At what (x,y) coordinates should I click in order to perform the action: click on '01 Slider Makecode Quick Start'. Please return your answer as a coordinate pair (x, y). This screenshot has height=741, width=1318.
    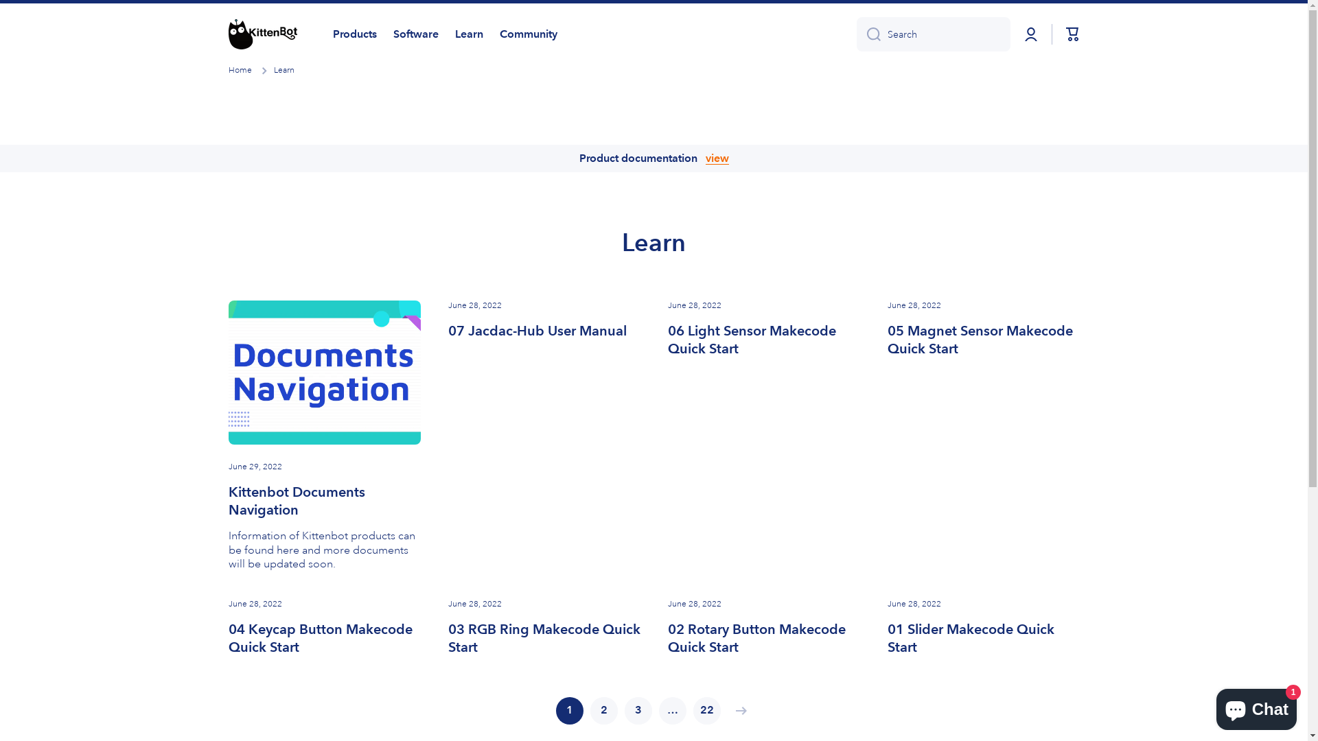
    Looking at the image, I should click on (982, 637).